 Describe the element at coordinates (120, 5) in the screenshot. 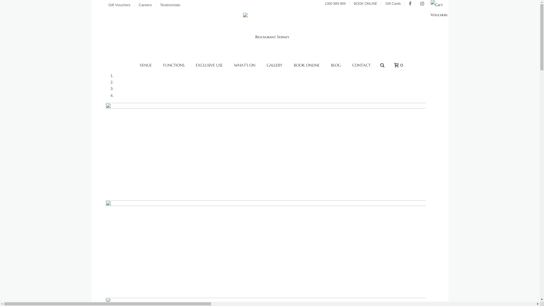

I see `'Gift Vouchers'` at that location.